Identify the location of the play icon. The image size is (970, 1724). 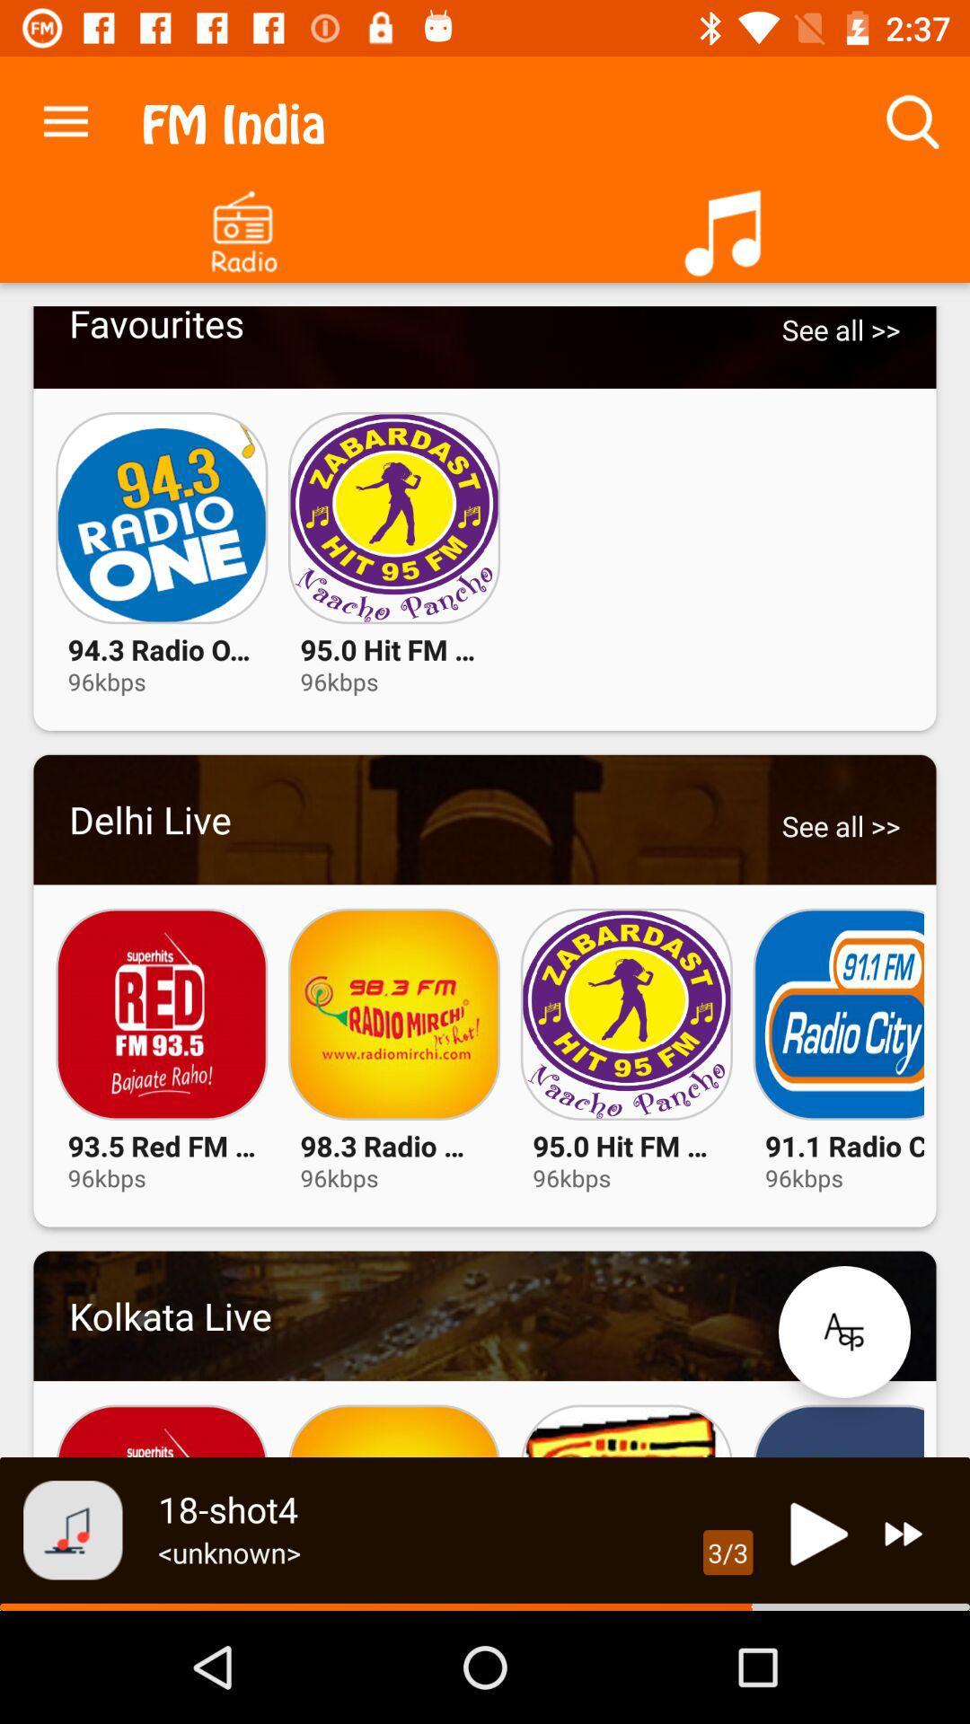
(814, 1533).